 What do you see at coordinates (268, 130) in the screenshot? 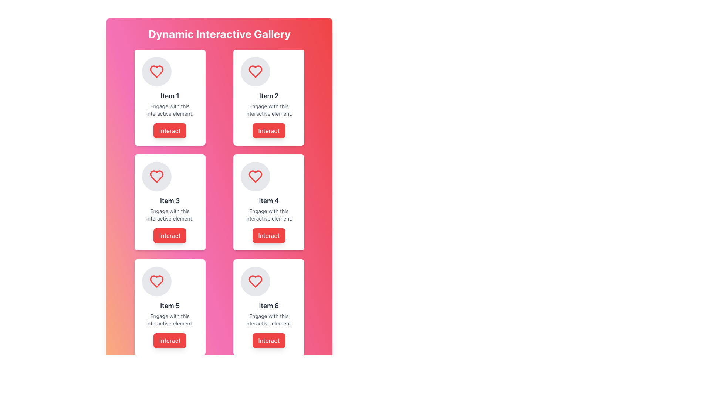
I see `the 'Interact' button, which is a rectangular button with rounded corners, a red background, and white text, located within the card labeled 'Item 2' in the second column and first row of the grid layout` at bounding box center [268, 130].